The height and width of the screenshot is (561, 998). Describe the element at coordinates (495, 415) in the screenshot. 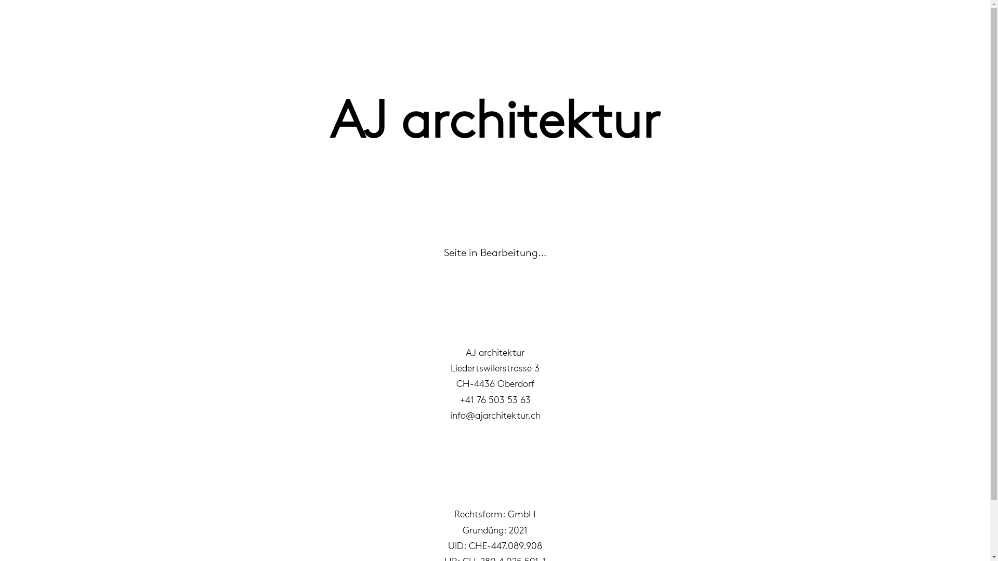

I see `'info@ajarchitektur.ch'` at that location.